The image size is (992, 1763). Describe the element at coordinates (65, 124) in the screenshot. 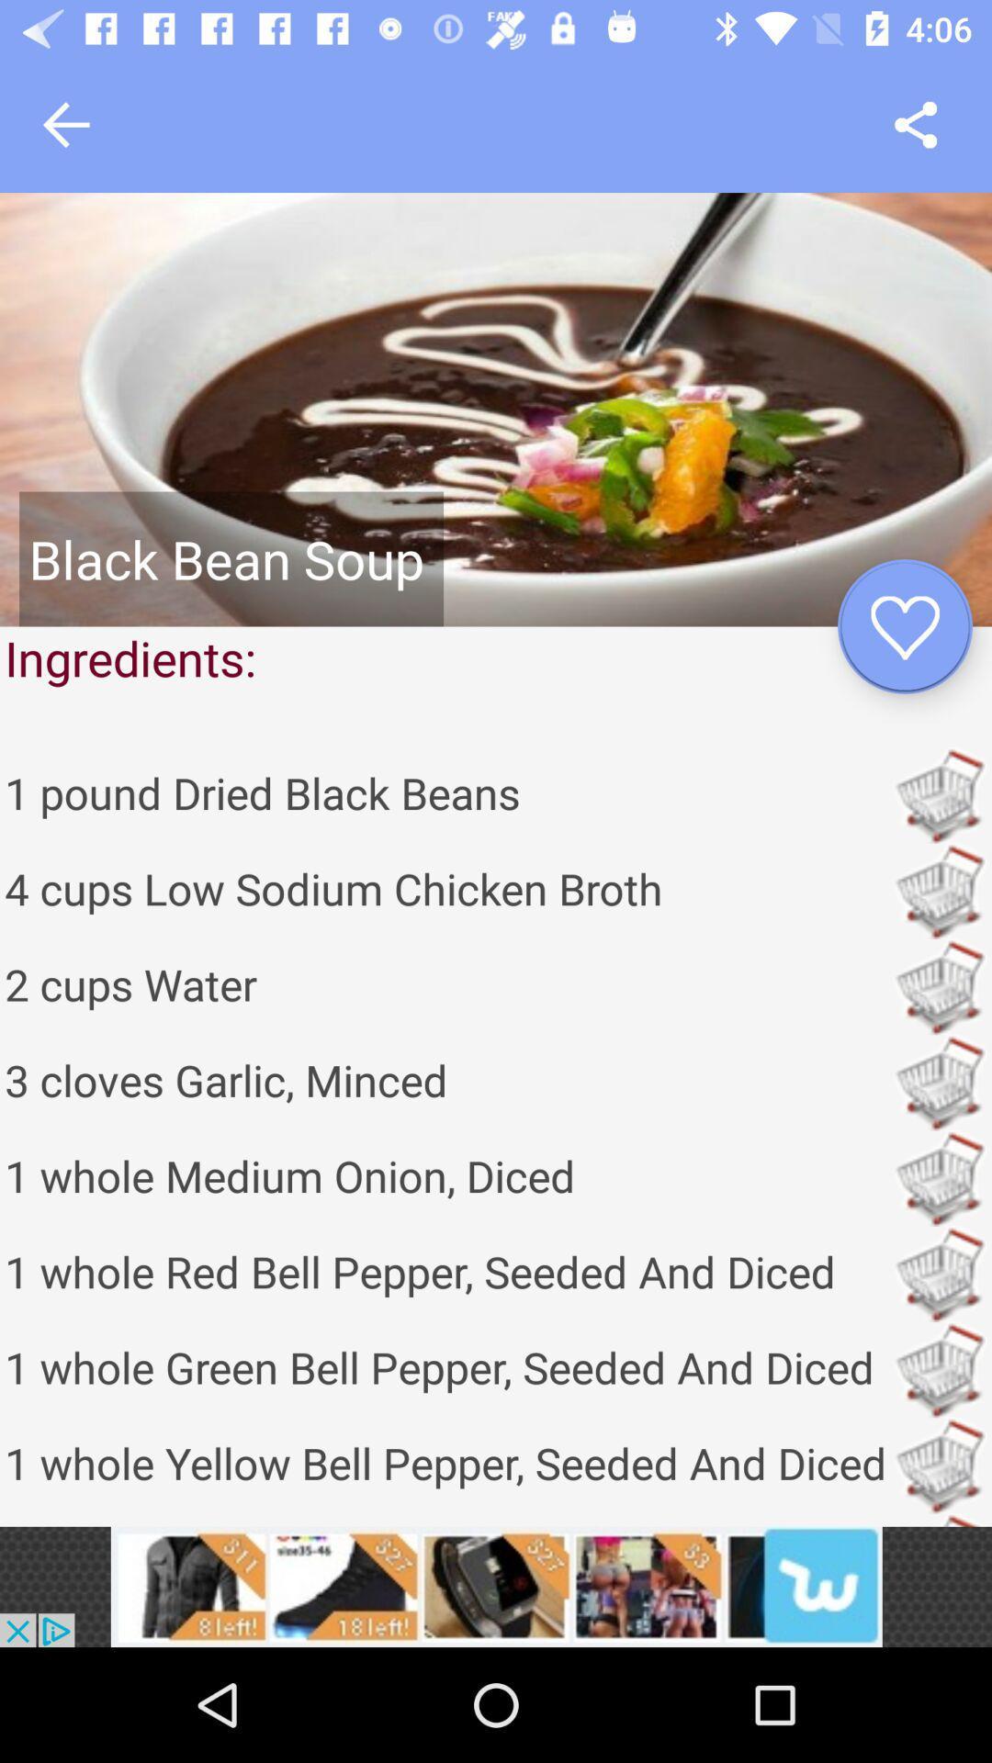

I see `the icon on the top left corner` at that location.